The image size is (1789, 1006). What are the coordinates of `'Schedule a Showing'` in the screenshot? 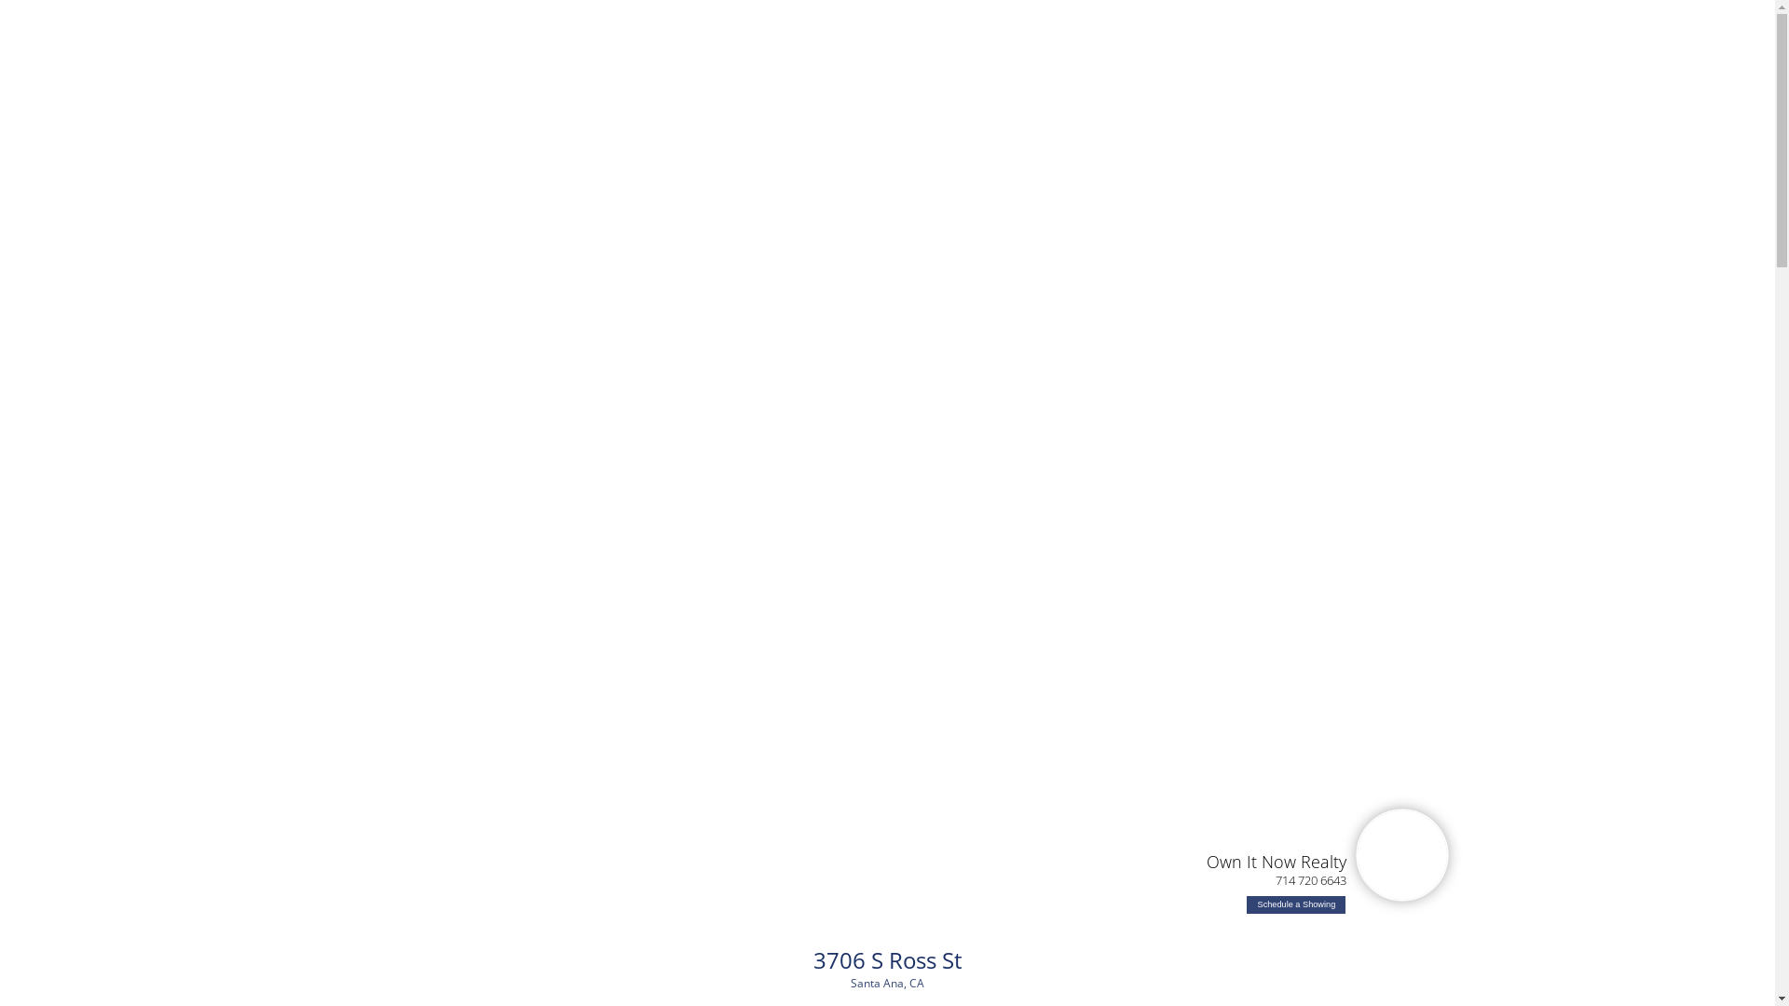 It's located at (1295, 904).